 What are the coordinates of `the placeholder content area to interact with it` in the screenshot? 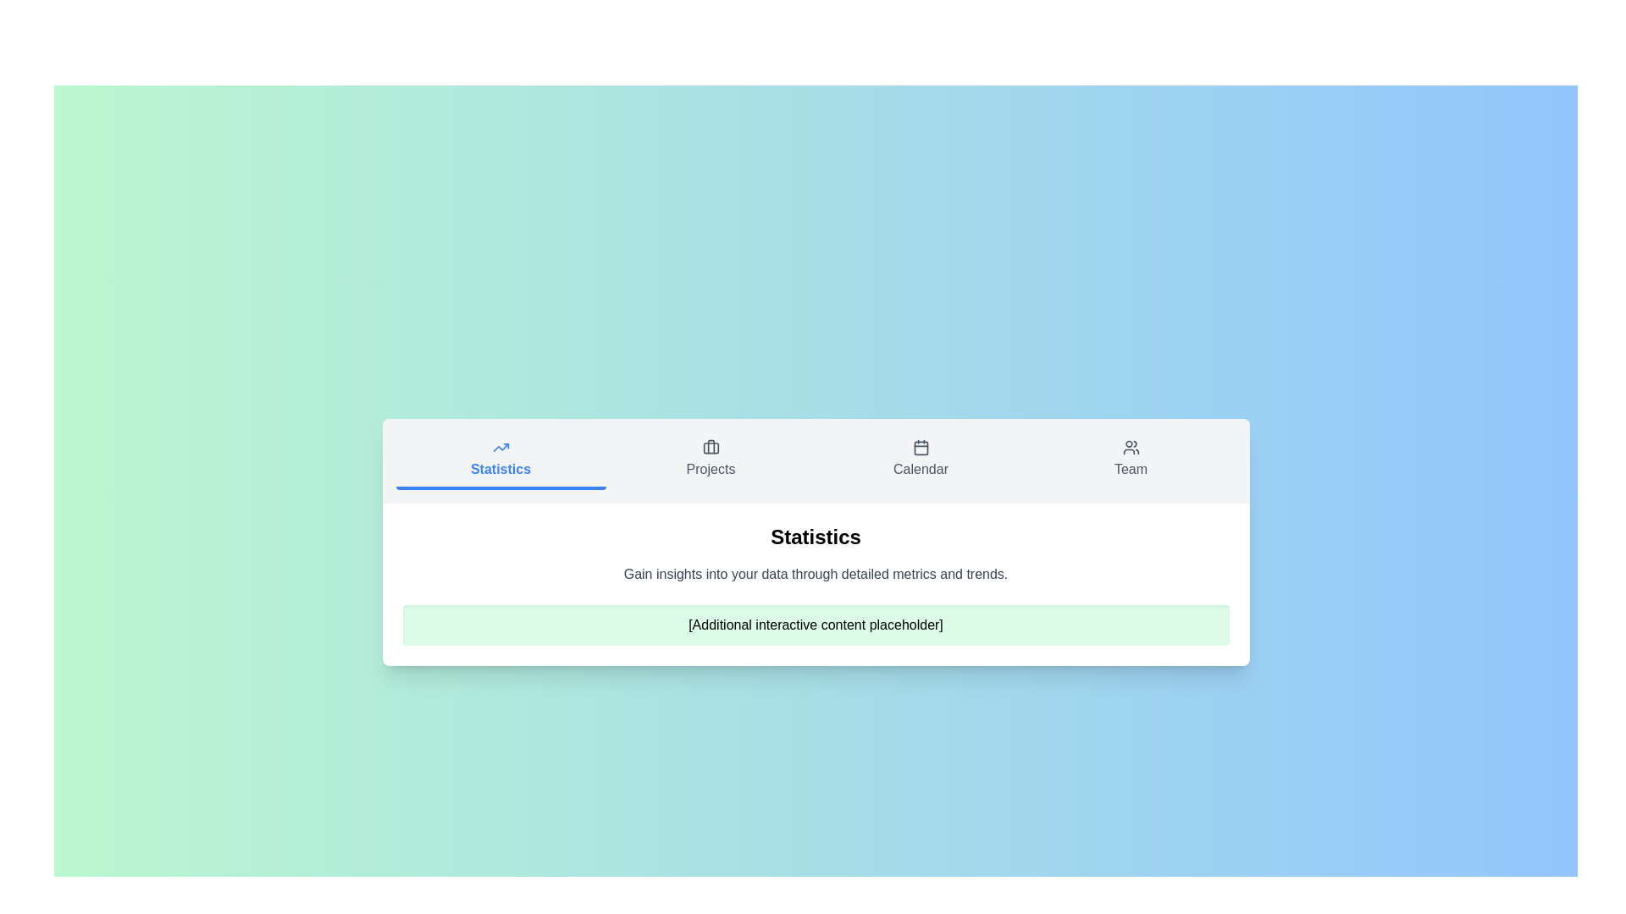 It's located at (816, 625).